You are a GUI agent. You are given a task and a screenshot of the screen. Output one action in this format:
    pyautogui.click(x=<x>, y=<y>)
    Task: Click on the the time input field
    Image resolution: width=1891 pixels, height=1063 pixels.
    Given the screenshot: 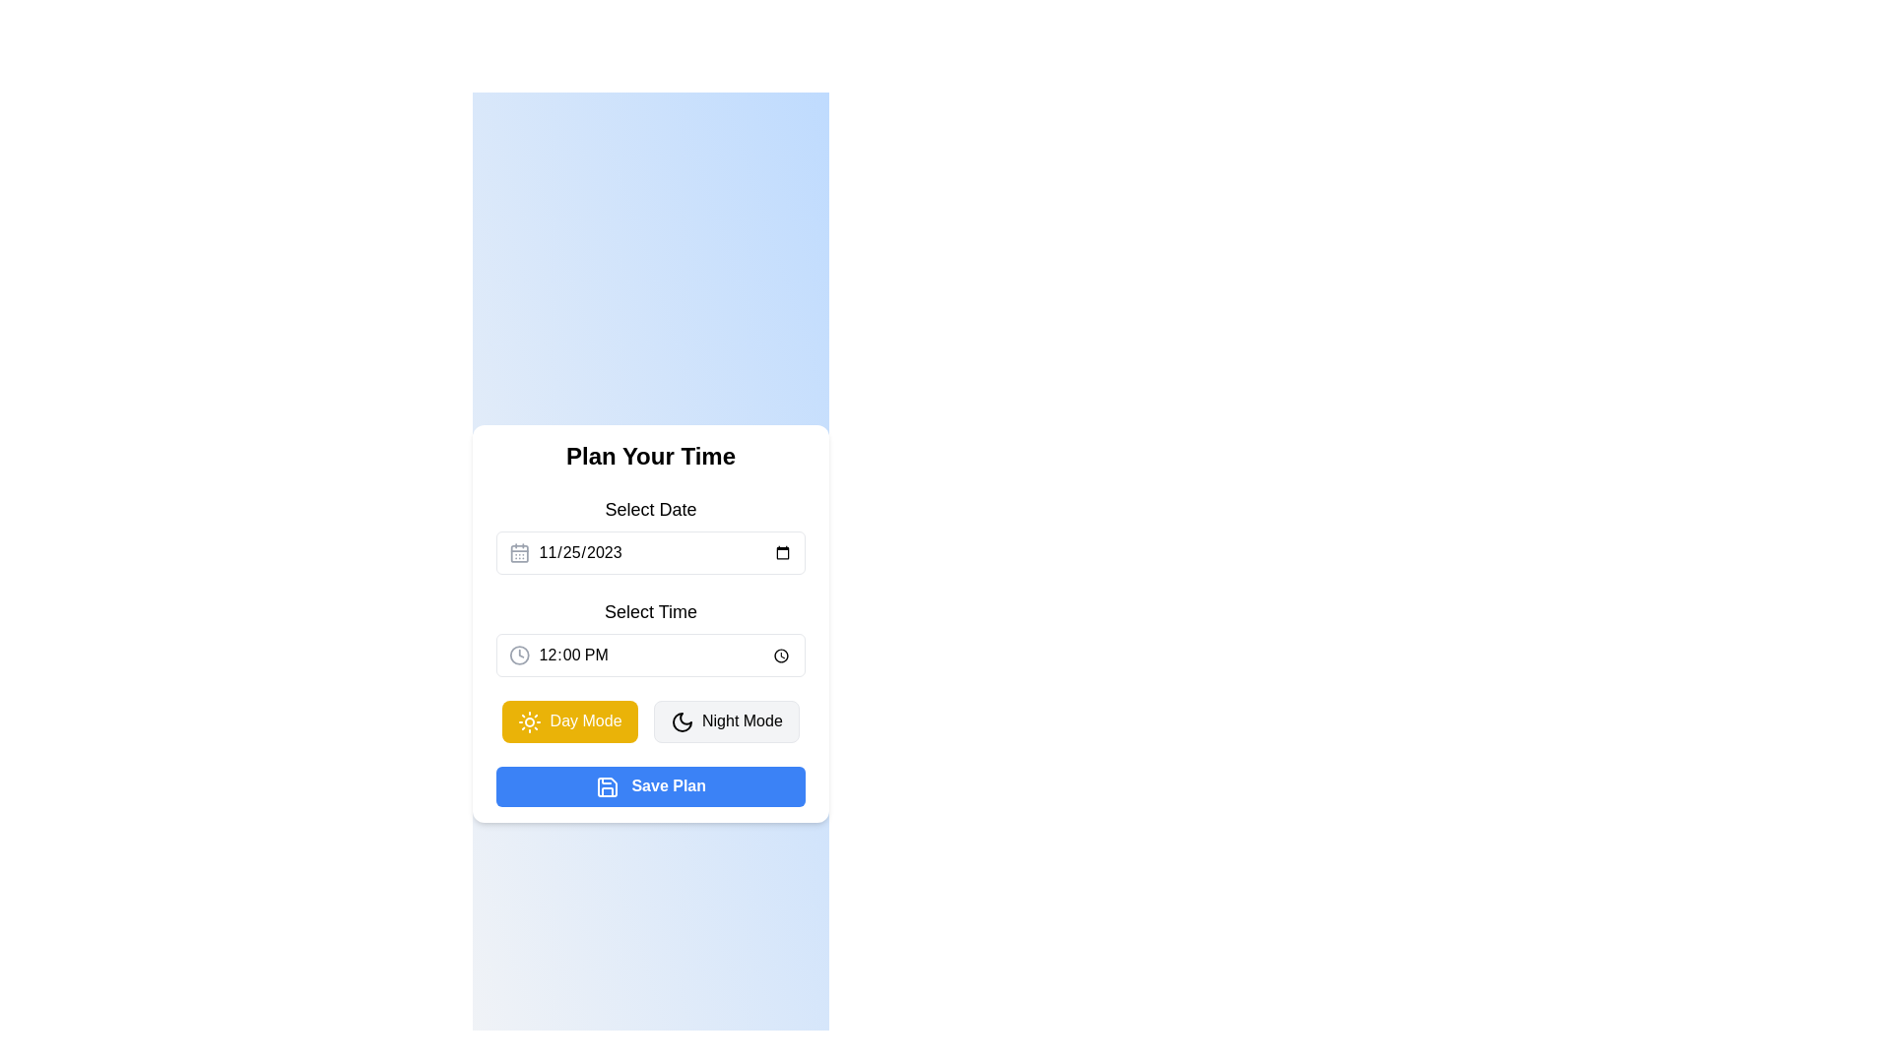 What is the action you would take?
    pyautogui.click(x=651, y=638)
    